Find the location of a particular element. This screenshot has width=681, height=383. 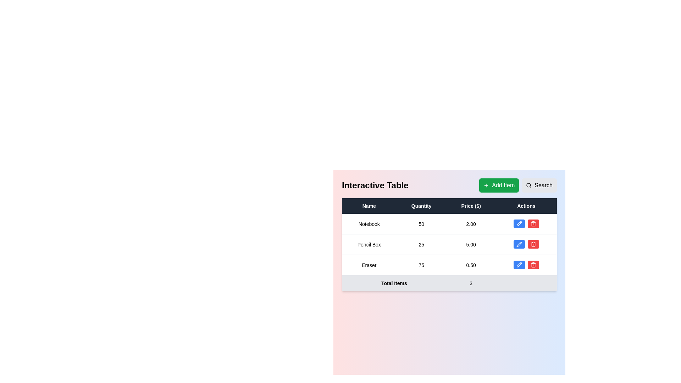

the 'Notebook' text label in the table cell under the 'Name' column, which is centrally aligned and positioned in the first row of the table is located at coordinates (369, 224).